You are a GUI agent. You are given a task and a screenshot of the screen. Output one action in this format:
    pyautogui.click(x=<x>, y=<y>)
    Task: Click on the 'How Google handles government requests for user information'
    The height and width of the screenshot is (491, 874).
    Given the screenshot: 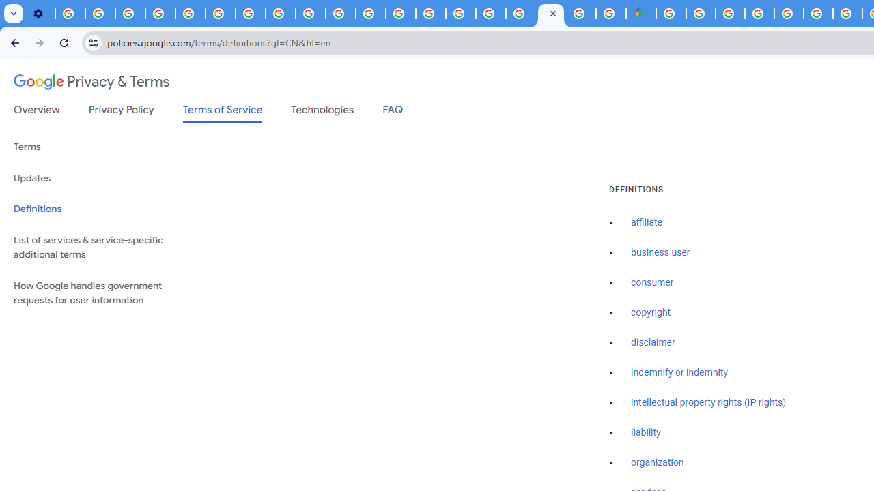 What is the action you would take?
    pyautogui.click(x=103, y=292)
    